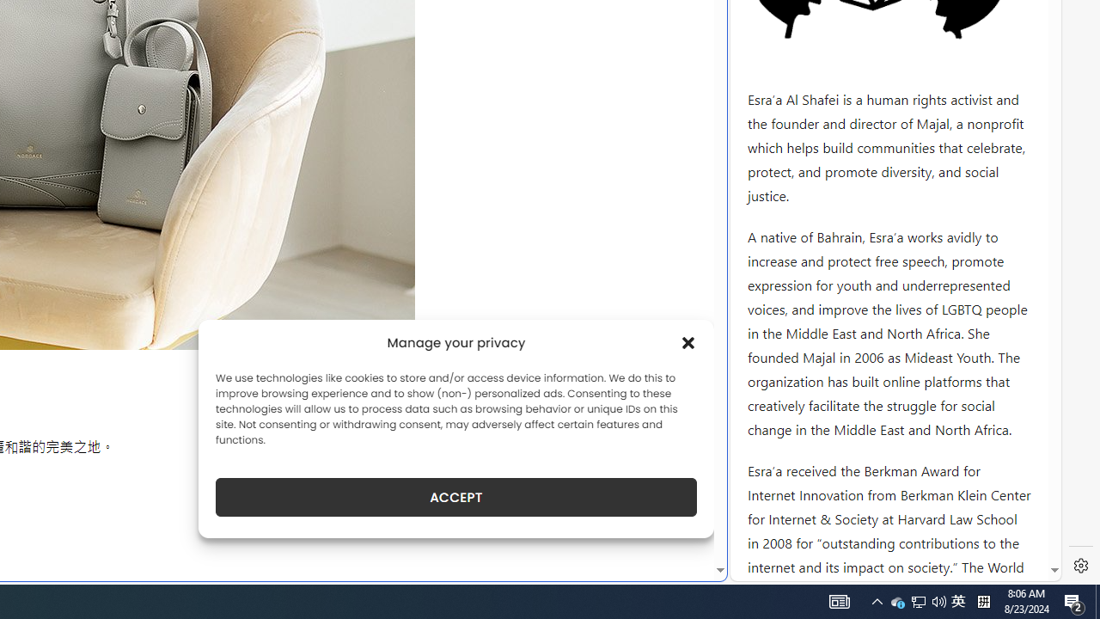 The height and width of the screenshot is (619, 1100). Describe the element at coordinates (688, 342) in the screenshot. I see `'Class: cmplz-close'` at that location.